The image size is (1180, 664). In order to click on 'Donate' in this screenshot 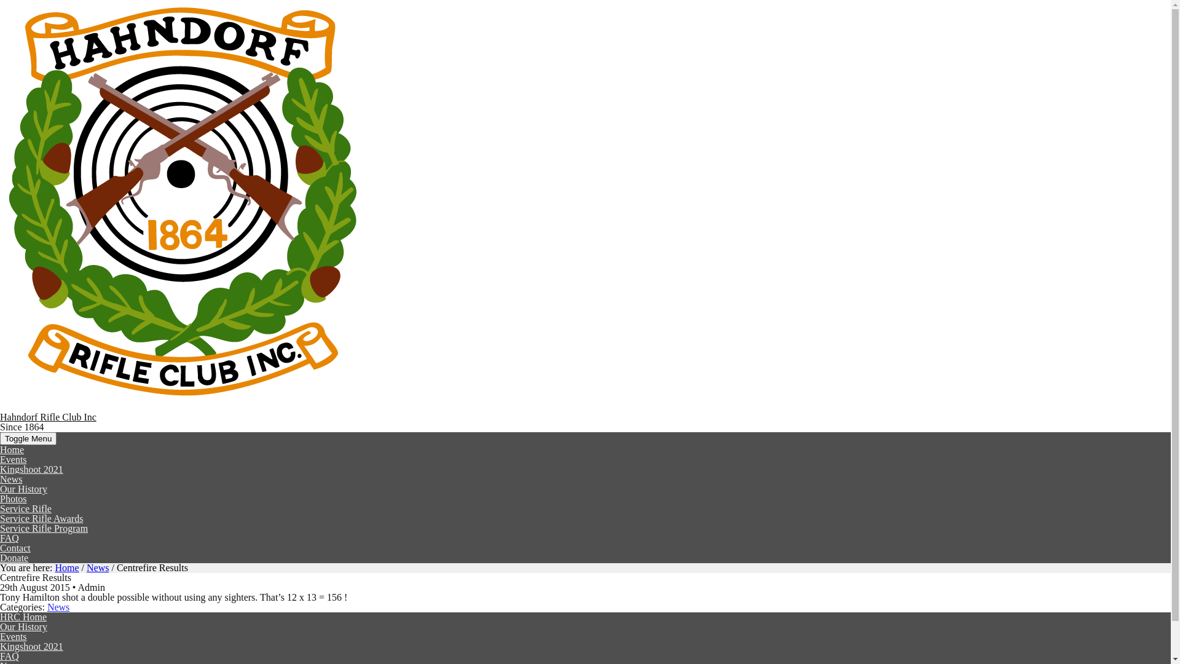, I will do `click(14, 558)`.